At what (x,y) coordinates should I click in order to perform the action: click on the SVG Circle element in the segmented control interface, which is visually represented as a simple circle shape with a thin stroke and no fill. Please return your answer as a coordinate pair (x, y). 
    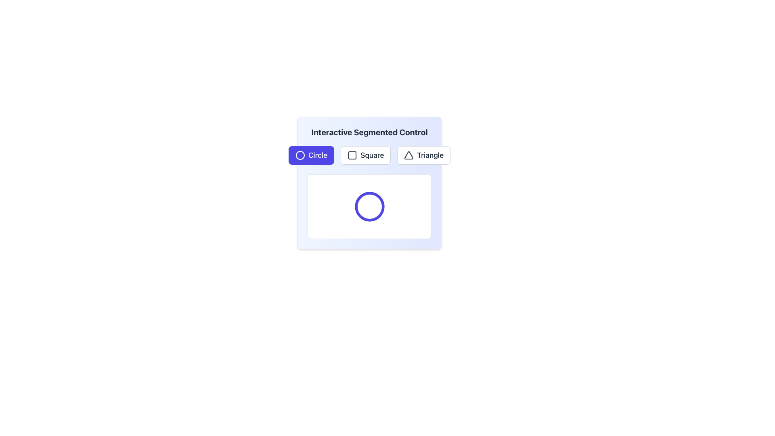
    Looking at the image, I should click on (300, 155).